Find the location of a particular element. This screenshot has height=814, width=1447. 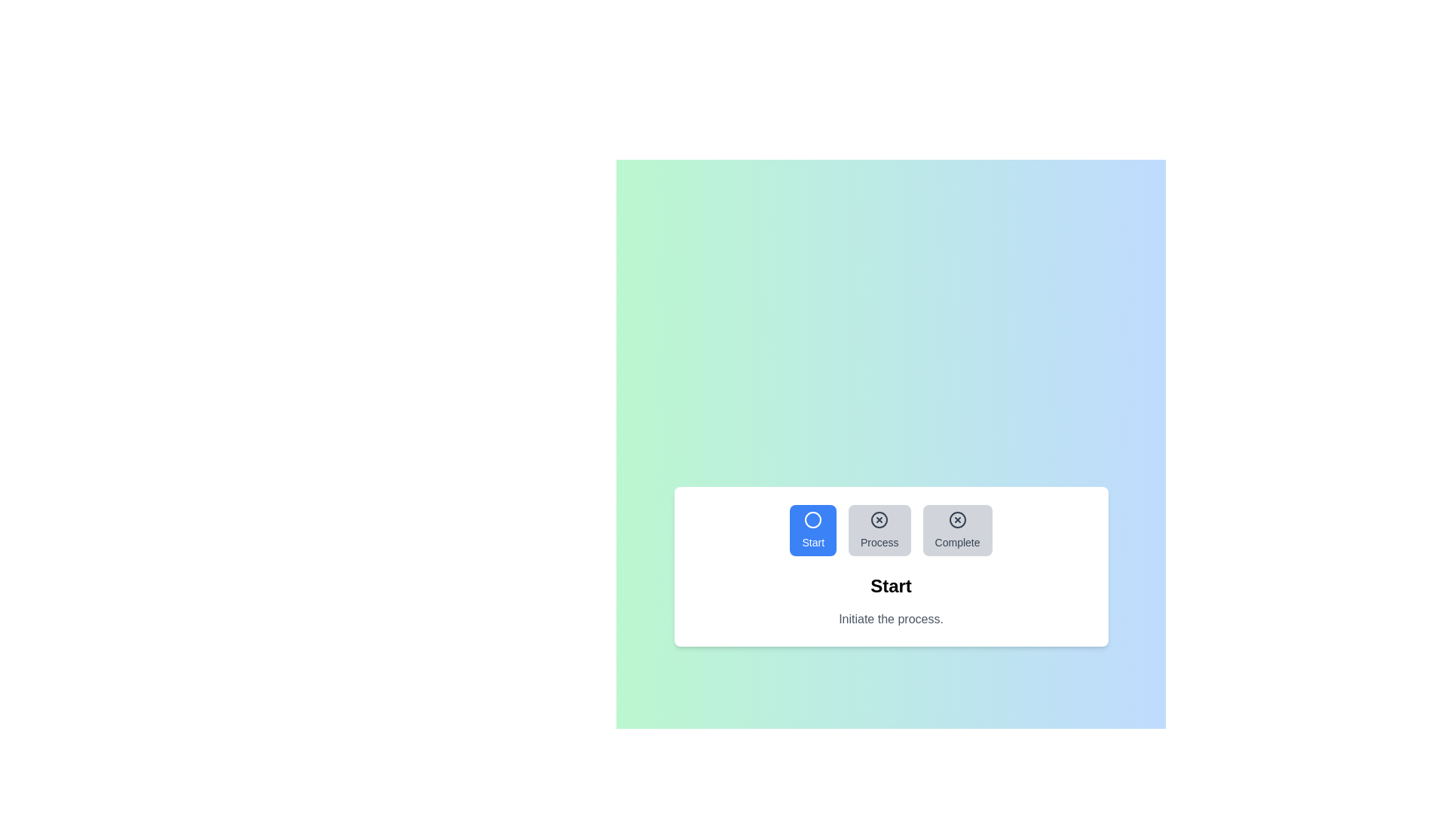

the title or header text element that indicates the beginning of a process, situated above the subtitle 'Initiate the process.' is located at coordinates (891, 586).